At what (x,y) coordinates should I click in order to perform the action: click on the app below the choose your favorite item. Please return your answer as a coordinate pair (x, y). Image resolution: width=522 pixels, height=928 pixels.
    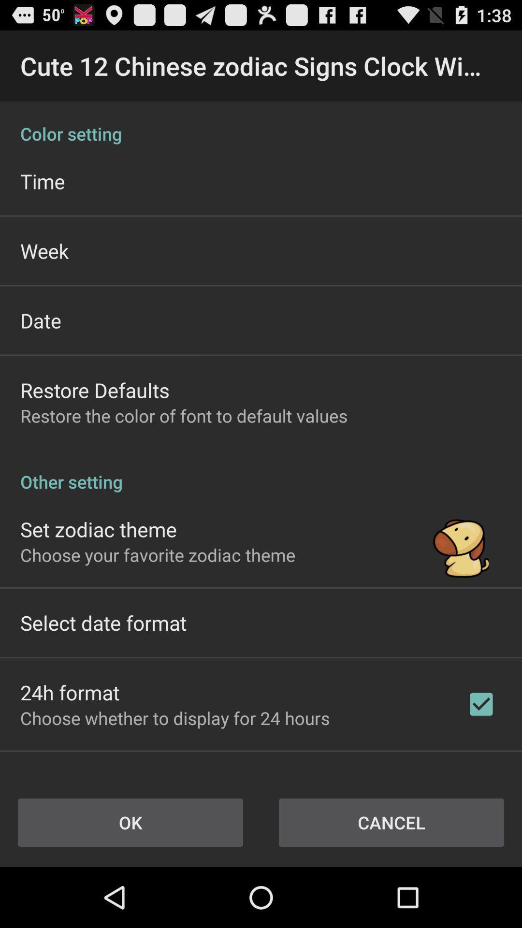
    Looking at the image, I should click on (103, 623).